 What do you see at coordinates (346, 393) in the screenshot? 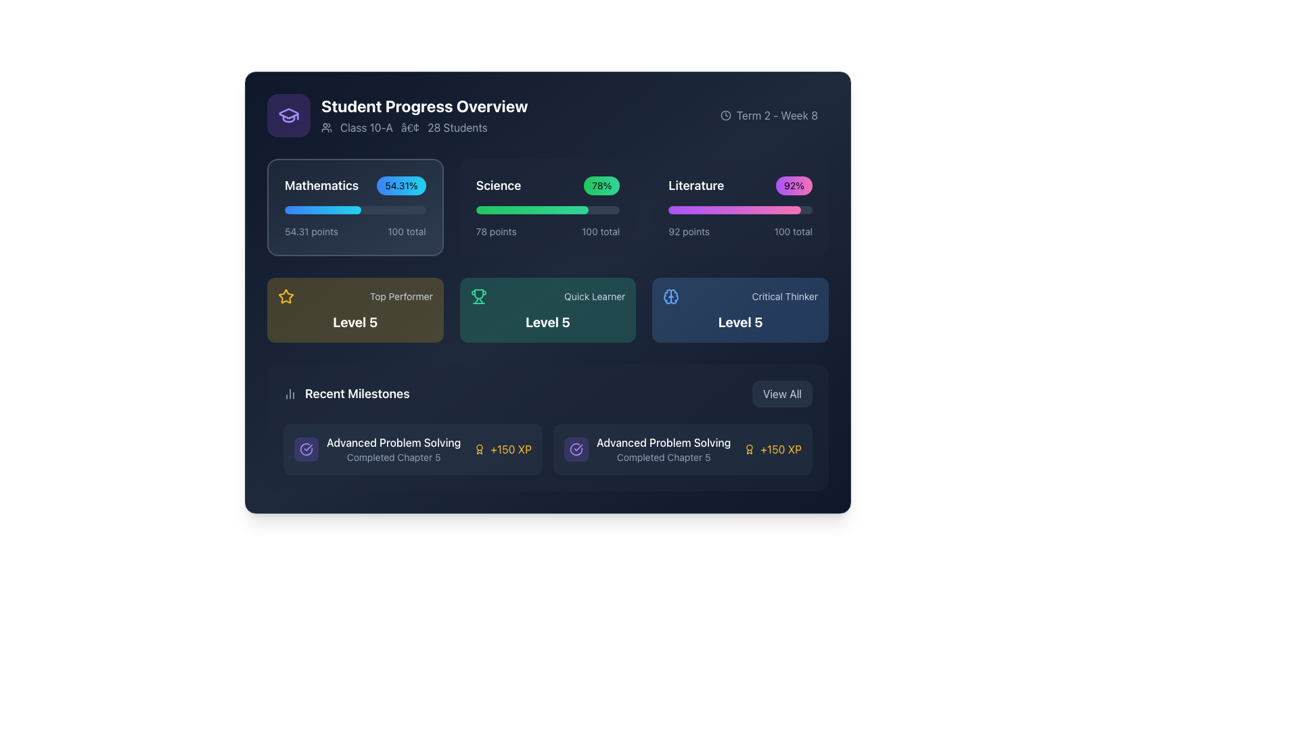
I see `the header element that serves as a title for recent milestones or achievements, positioned below the 'Level 5' cards and to the left of the 'View All' button` at bounding box center [346, 393].